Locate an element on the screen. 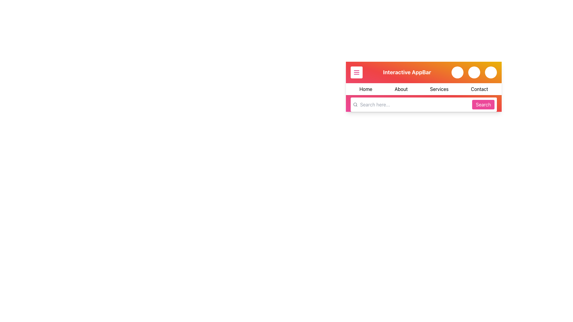 Image resolution: width=573 pixels, height=322 pixels. the bright pink 'Search' button with white text is located at coordinates (483, 104).